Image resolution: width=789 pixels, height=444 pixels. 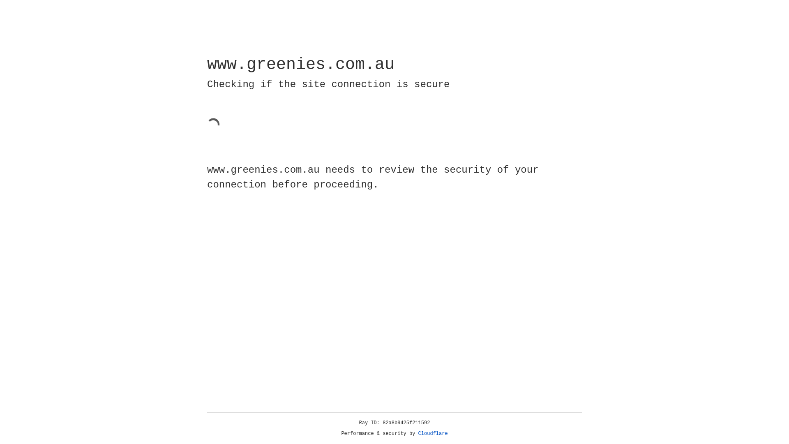 I want to click on 'Cloudflare', so click(x=433, y=433).